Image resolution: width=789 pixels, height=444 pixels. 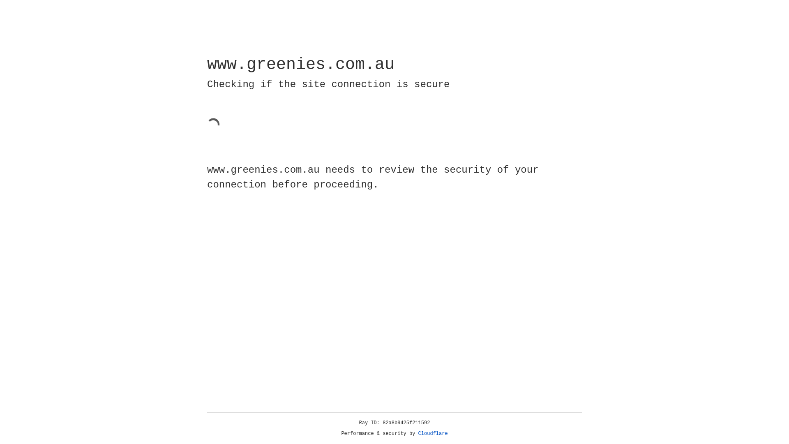 I want to click on 'Cloudflare', so click(x=433, y=433).